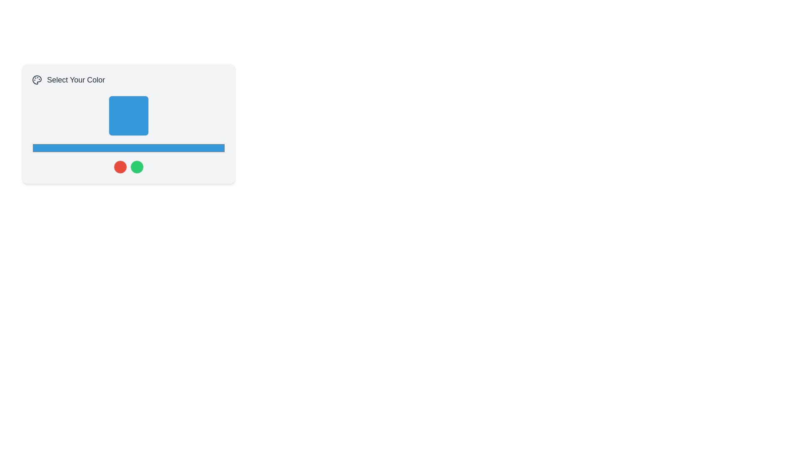  Describe the element at coordinates (37, 80) in the screenshot. I see `the painter's palette SVG icon, which is light gray and located to the left of the text 'Select Your Color'` at that location.